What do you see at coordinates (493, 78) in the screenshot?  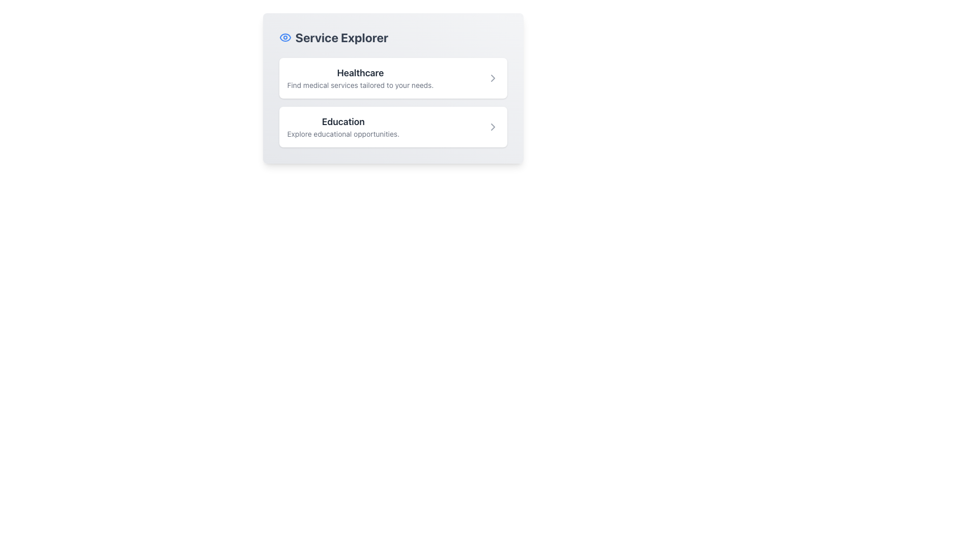 I see `the chevron icon located at the far right of the 'Healthcare' list item in the 'Service Explorer' section` at bounding box center [493, 78].